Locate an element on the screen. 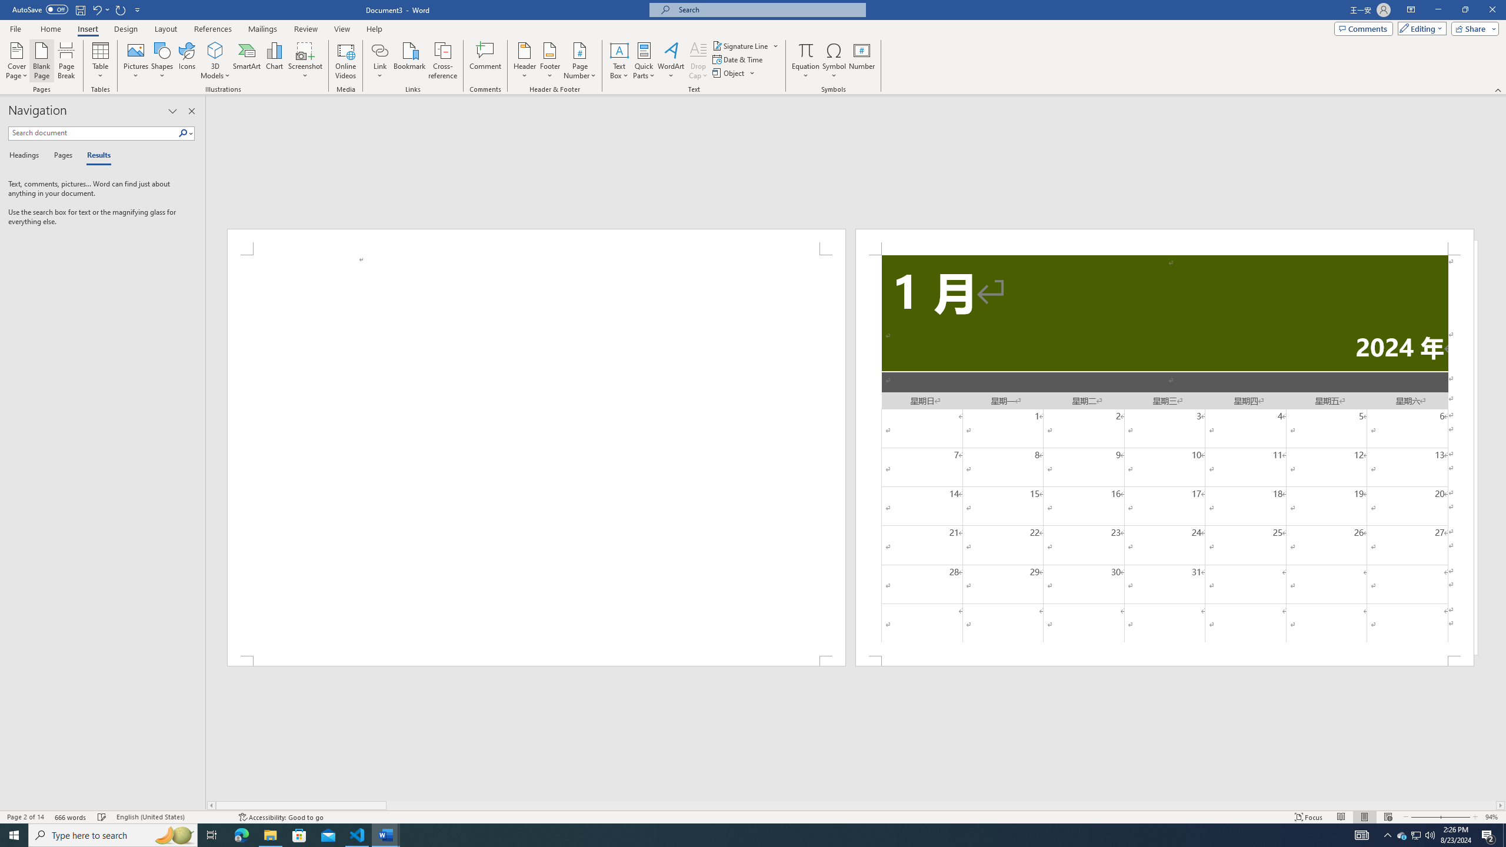 The height and width of the screenshot is (847, 1506). 'Text Box' is located at coordinates (619, 61).